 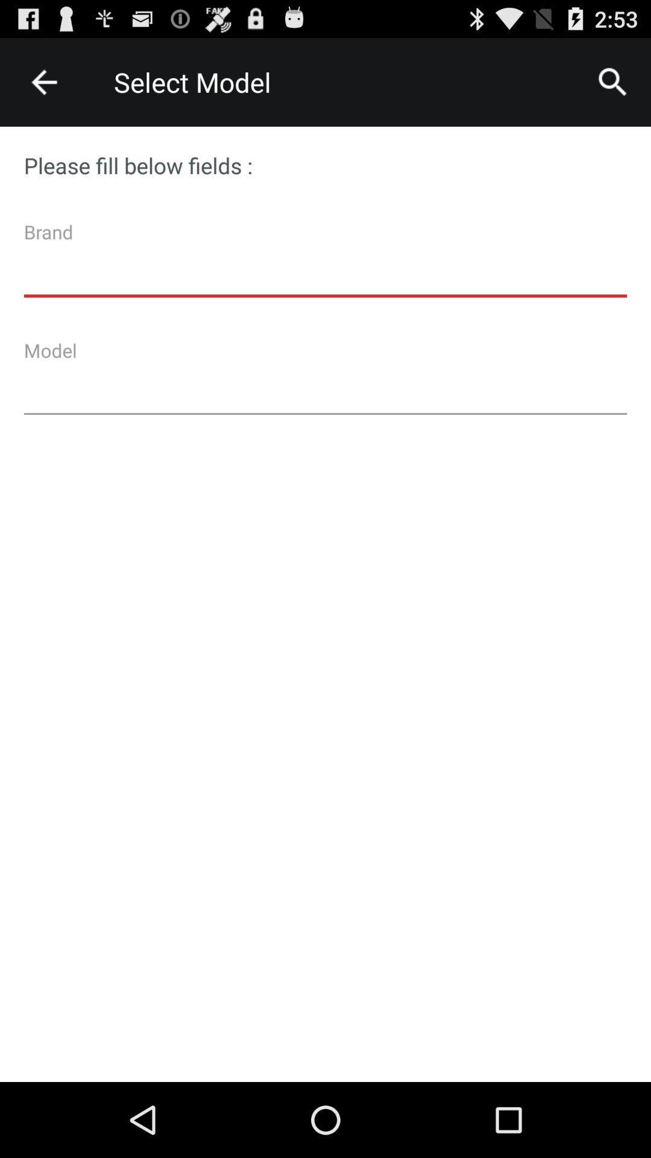 What do you see at coordinates (613, 81) in the screenshot?
I see `the item above please fill below` at bounding box center [613, 81].